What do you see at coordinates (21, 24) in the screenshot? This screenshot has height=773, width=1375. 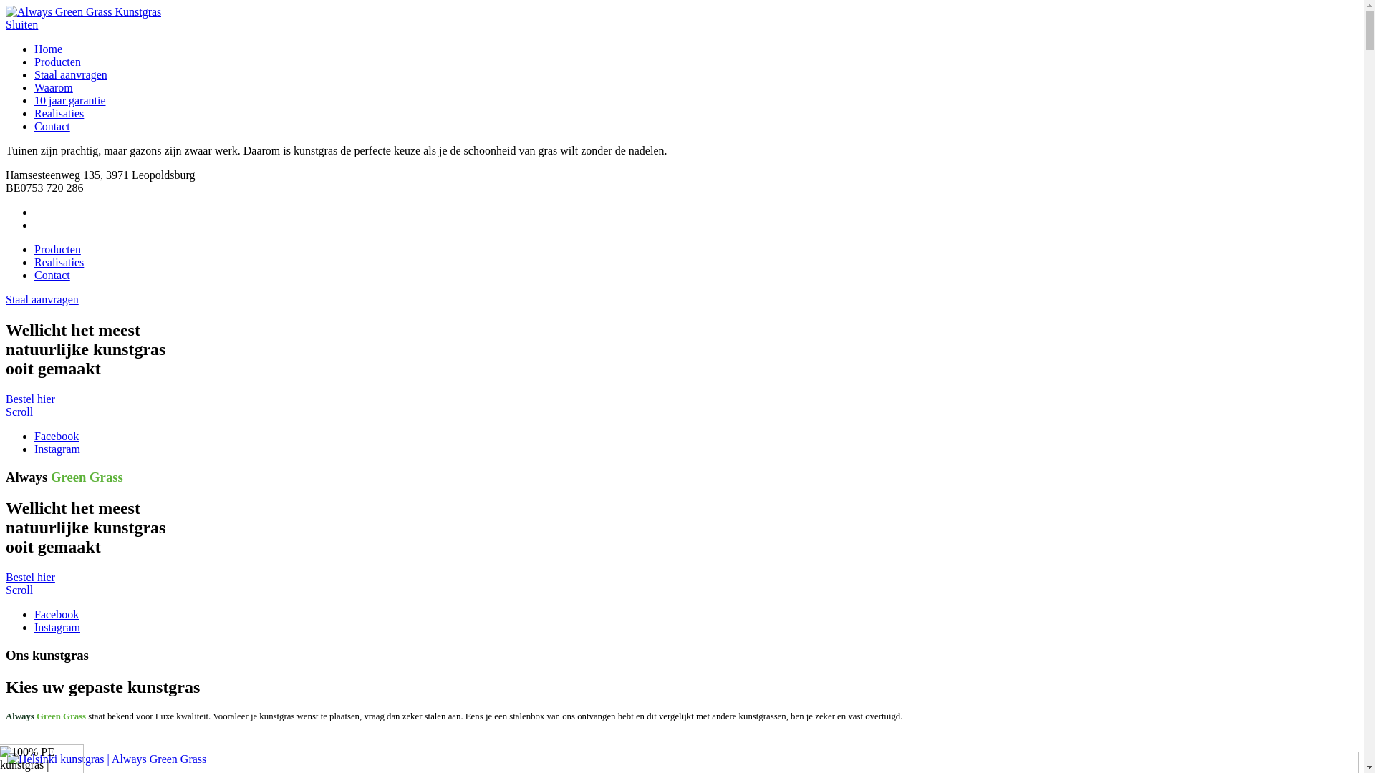 I see `'Sluiten'` at bounding box center [21, 24].